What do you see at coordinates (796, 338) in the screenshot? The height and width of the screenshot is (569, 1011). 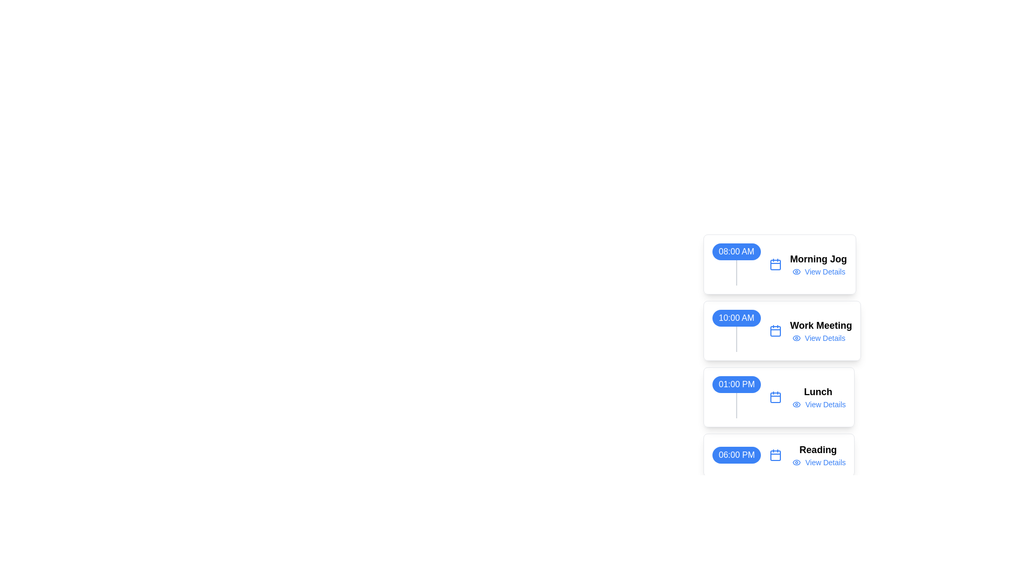 I see `the upper arc of the 'eye' icon representing visibility, located to the right of the time-label texts` at bounding box center [796, 338].